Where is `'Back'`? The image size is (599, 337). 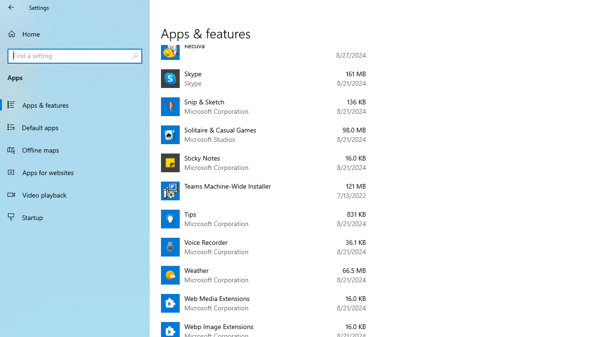 'Back' is located at coordinates (11, 7).